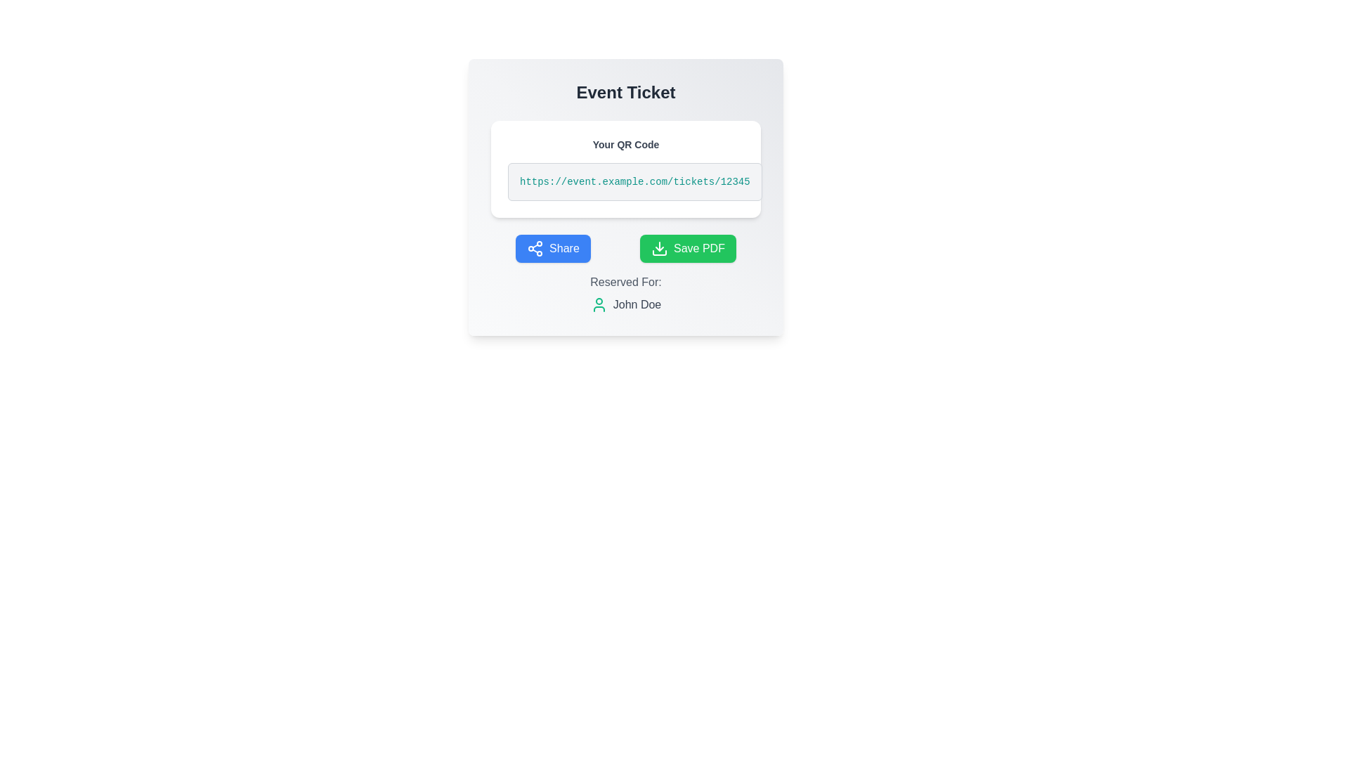  Describe the element at coordinates (625, 292) in the screenshot. I see `the text element displaying 'Reserved For: John Doe' with an adjacent user icon in a greenish color, located at the bottom of the 'Event Ticket' modal` at that location.